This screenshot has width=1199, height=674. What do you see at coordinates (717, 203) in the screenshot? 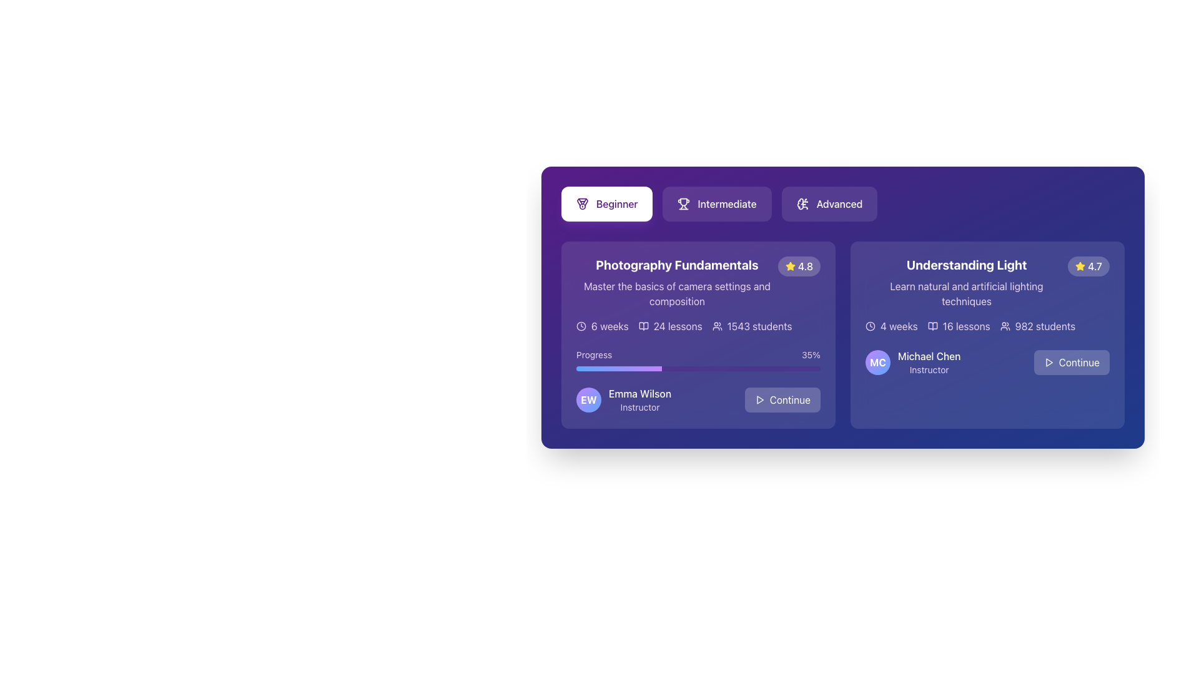
I see `the 'Intermediate' button, which is the second button in a sequence of three for skill level selection` at bounding box center [717, 203].